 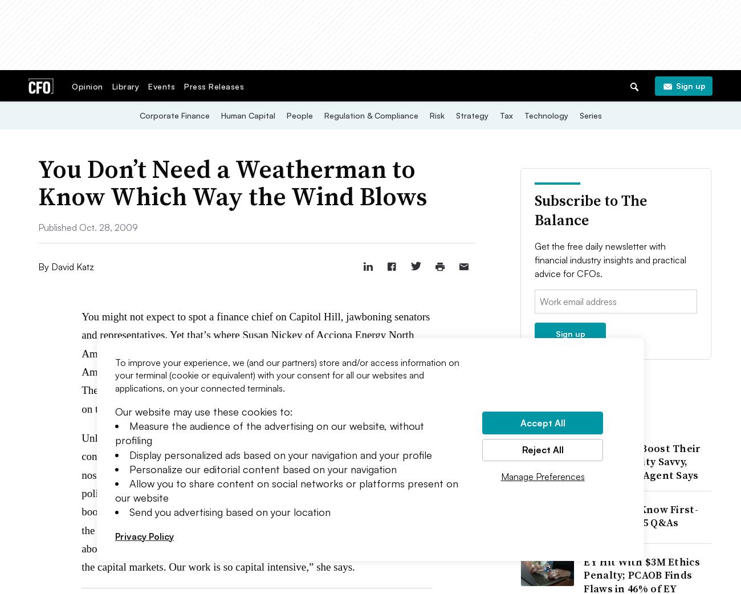 What do you see at coordinates (161, 86) in the screenshot?
I see `'Events'` at bounding box center [161, 86].